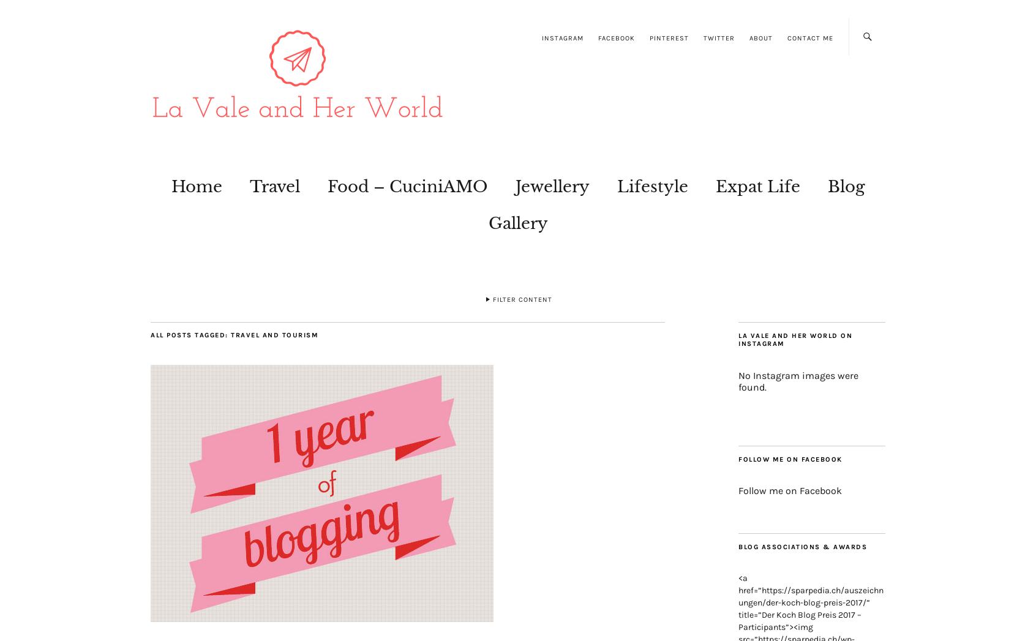 Image resolution: width=1036 pixels, height=641 pixels. I want to click on 'Blog', so click(827, 186).